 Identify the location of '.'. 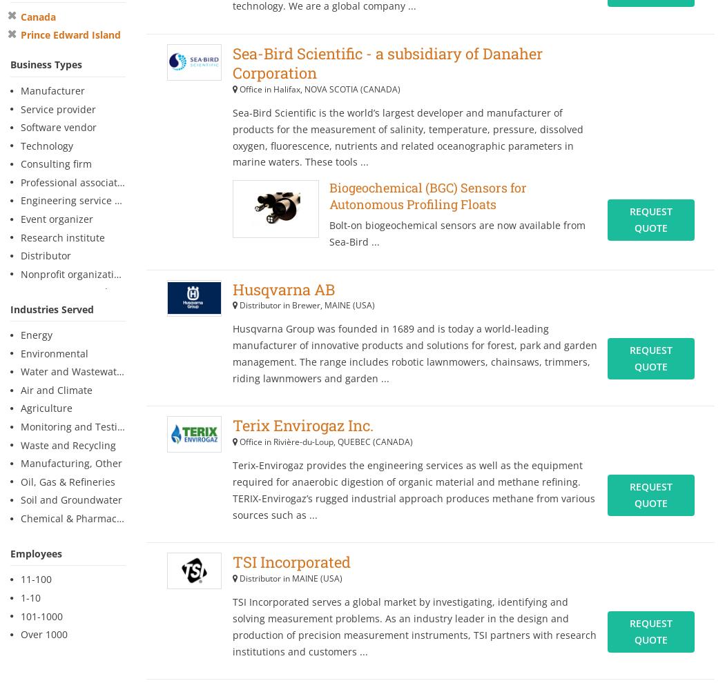
(434, 241).